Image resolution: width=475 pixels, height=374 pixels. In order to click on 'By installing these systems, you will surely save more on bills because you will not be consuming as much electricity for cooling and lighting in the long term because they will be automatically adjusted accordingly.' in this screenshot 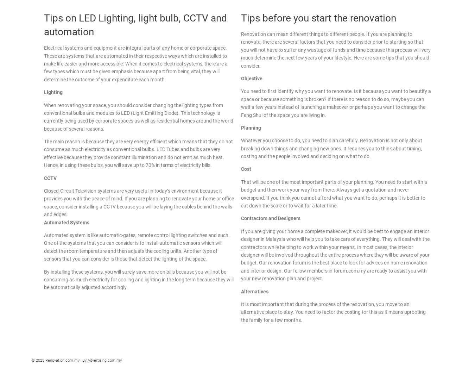, I will do `click(139, 279)`.